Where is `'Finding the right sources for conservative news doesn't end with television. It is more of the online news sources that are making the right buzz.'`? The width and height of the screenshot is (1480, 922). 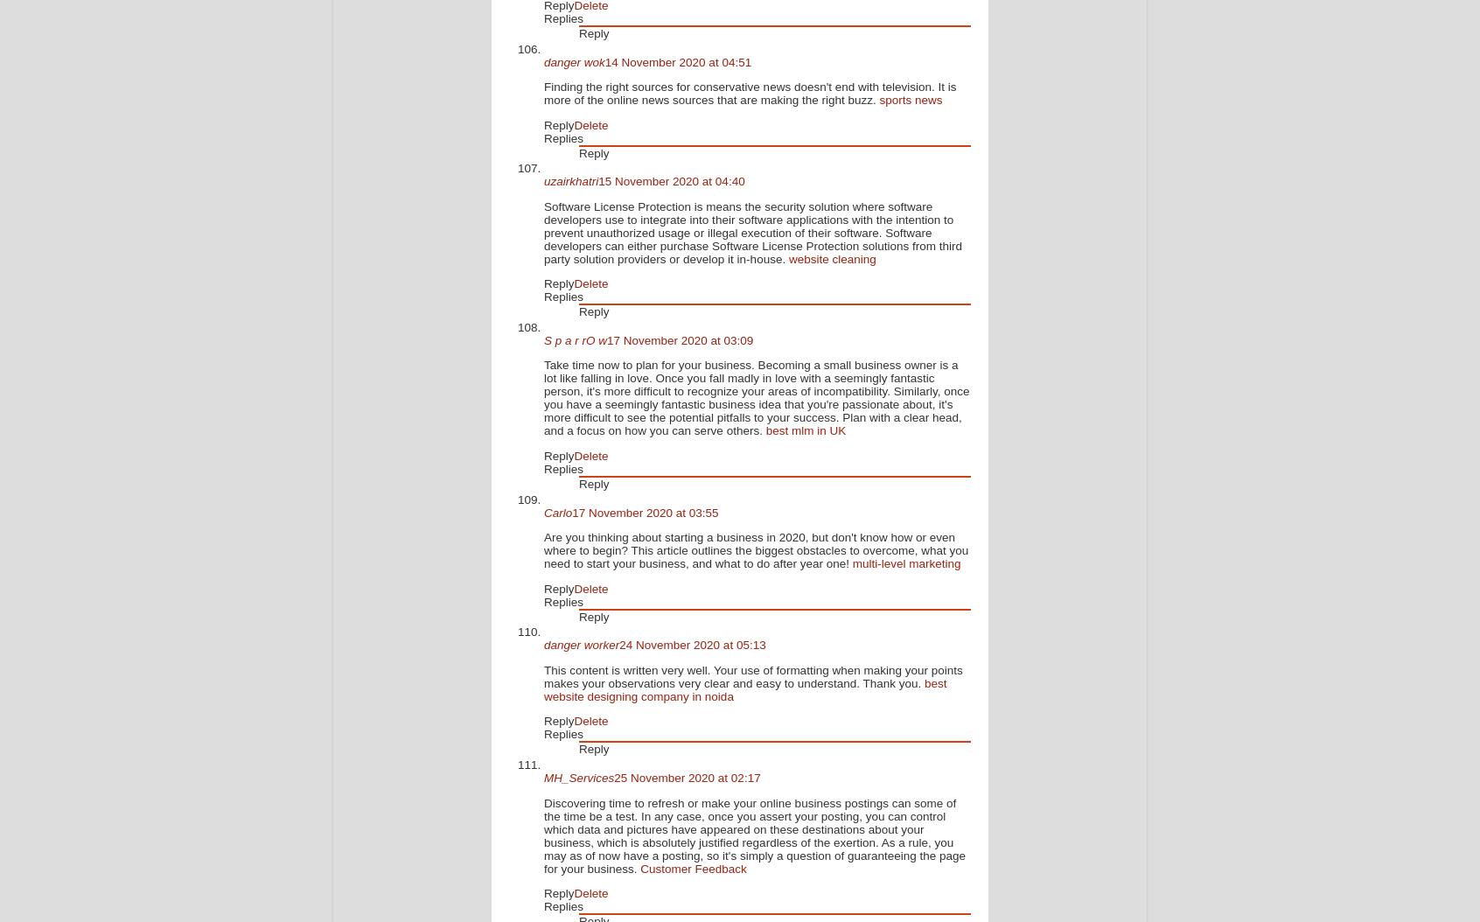 'Finding the right sources for conservative news doesn't end with television. It is more of the online news sources that are making the right buzz.' is located at coordinates (749, 93).